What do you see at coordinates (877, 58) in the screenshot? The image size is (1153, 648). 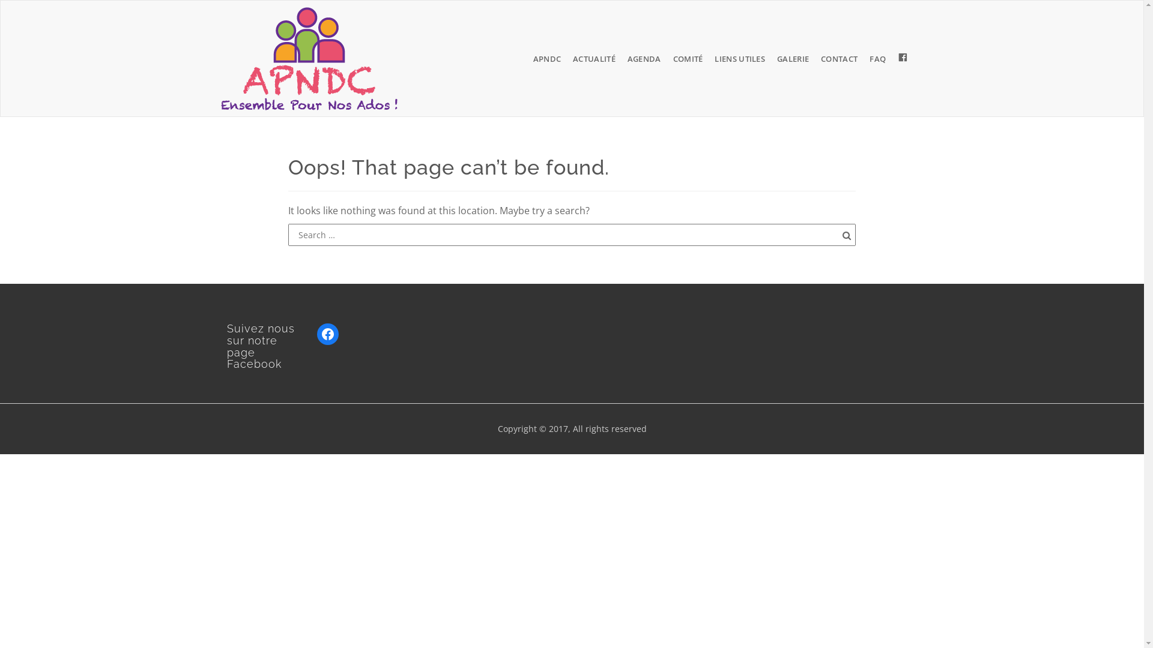 I see `'FAQ'` at bounding box center [877, 58].